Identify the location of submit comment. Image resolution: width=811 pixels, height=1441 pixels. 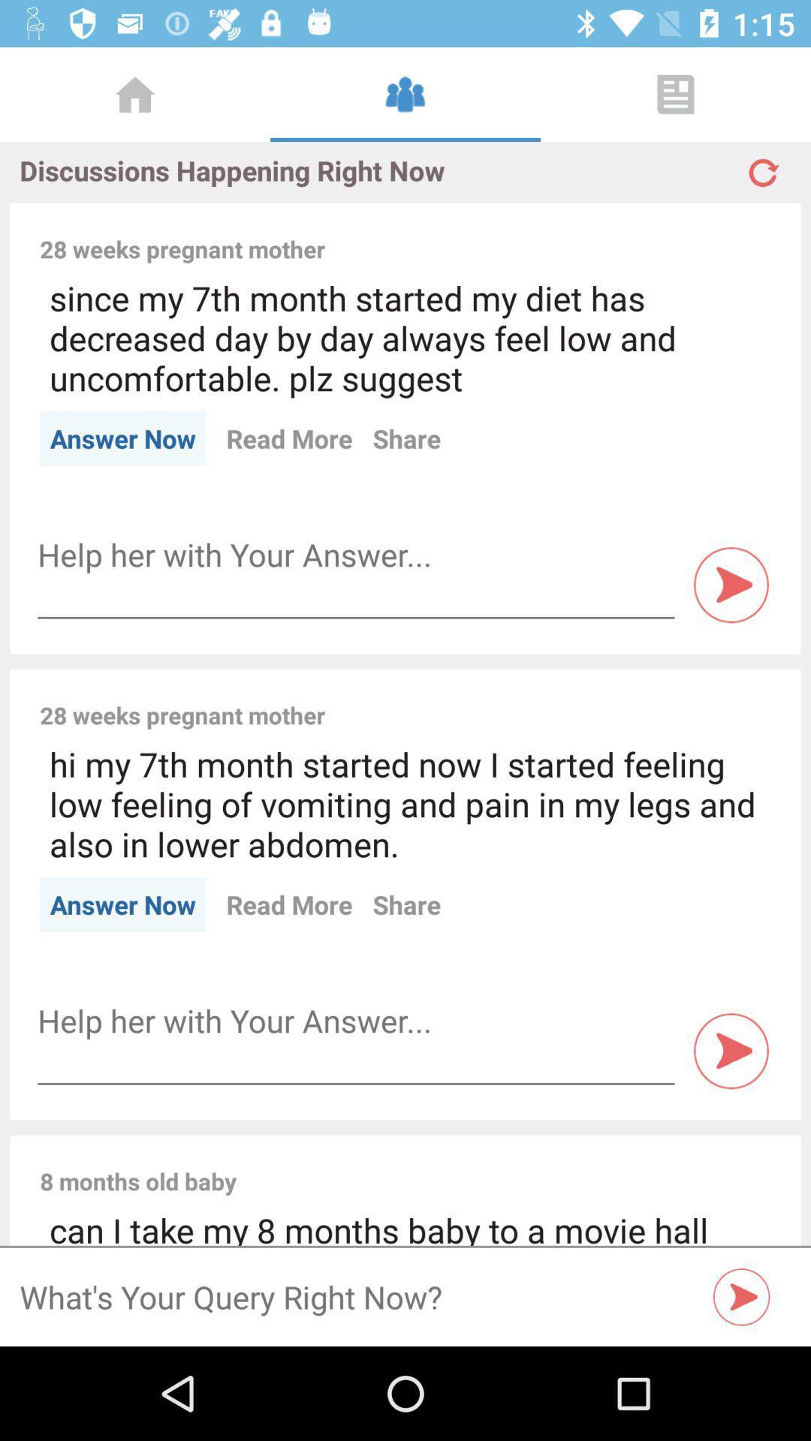
(731, 584).